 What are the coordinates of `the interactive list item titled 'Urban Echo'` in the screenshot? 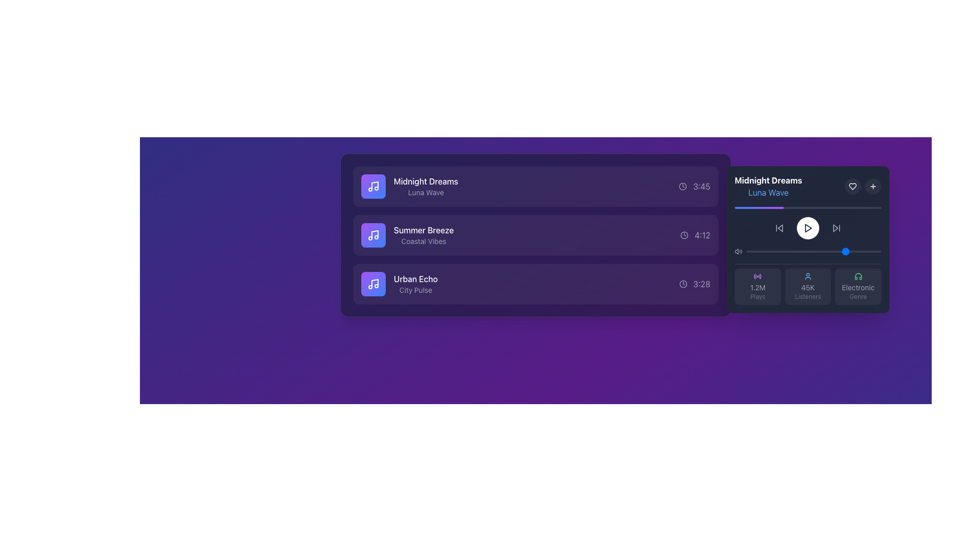 It's located at (535, 284).